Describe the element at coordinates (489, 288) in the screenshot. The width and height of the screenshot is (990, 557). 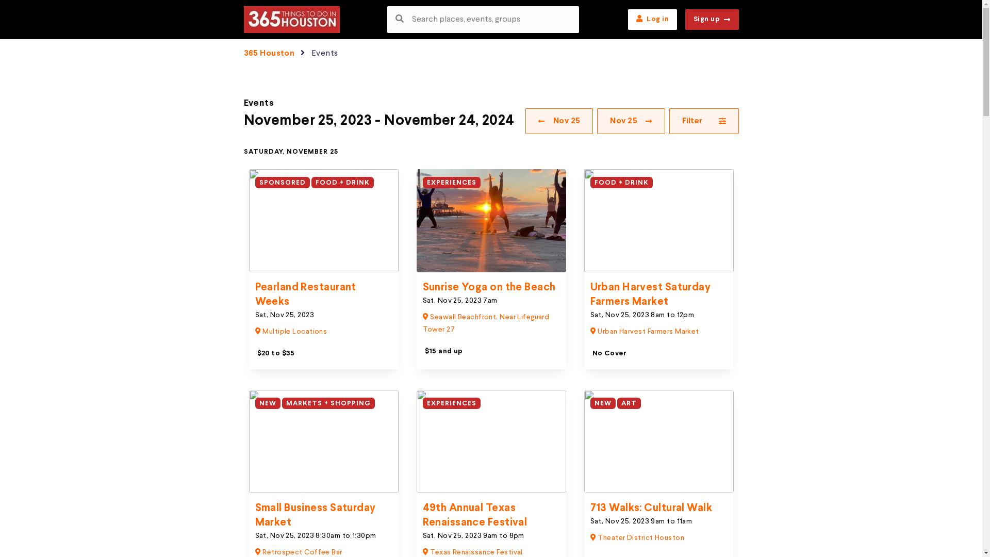
I see `'Sunrise Yoga on the Beach'` at that location.